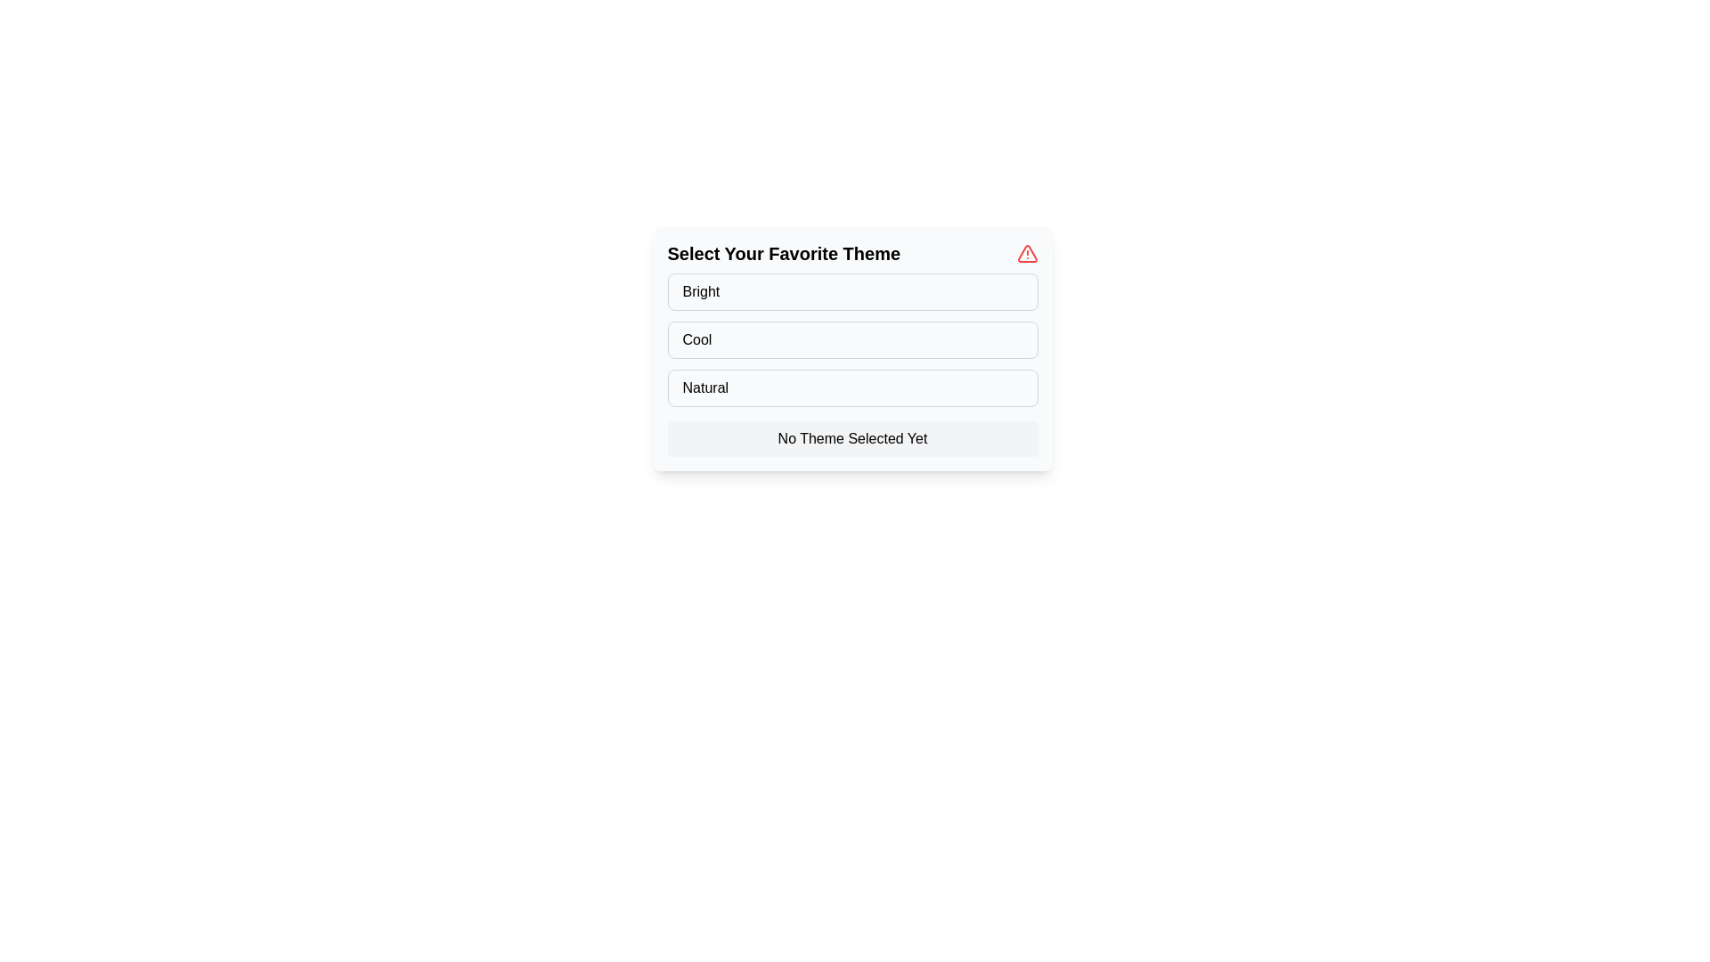 The image size is (1710, 962). What do you see at coordinates (851, 339) in the screenshot?
I see `the 'Cool' button located in the vertical list of choices within the 'Select Your Favorite Theme' card` at bounding box center [851, 339].